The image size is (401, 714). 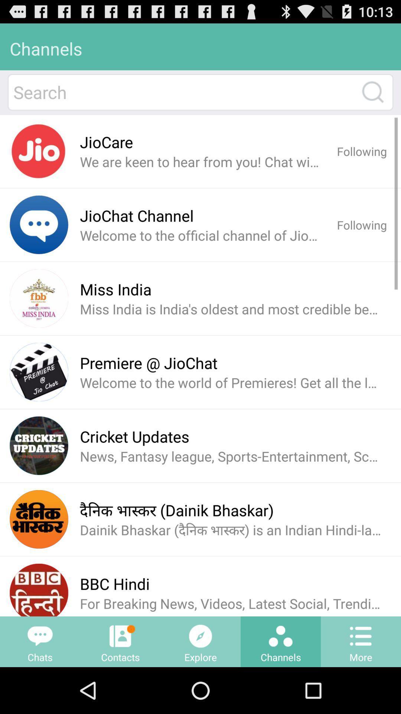 What do you see at coordinates (183, 92) in the screenshot?
I see `search bar` at bounding box center [183, 92].